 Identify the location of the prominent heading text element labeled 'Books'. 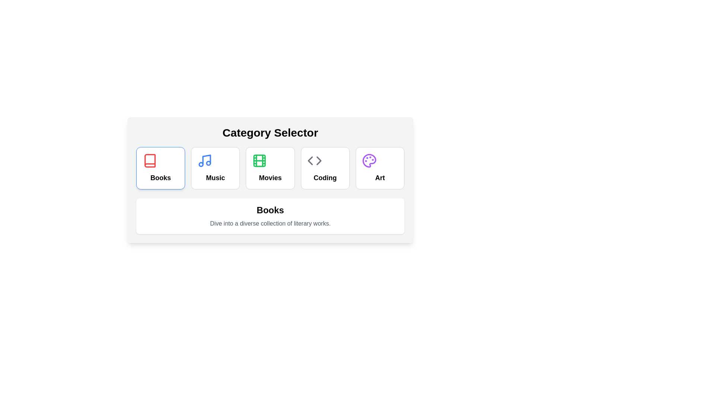
(270, 210).